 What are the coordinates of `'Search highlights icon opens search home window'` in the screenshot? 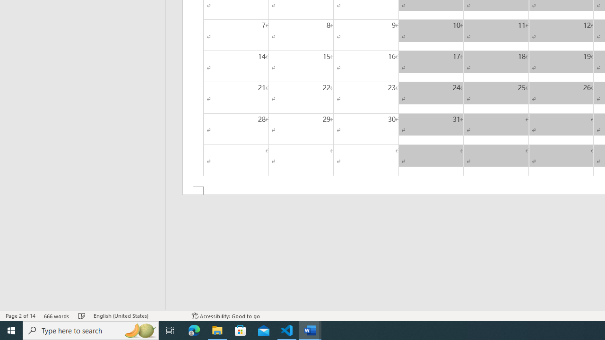 It's located at (139, 330).